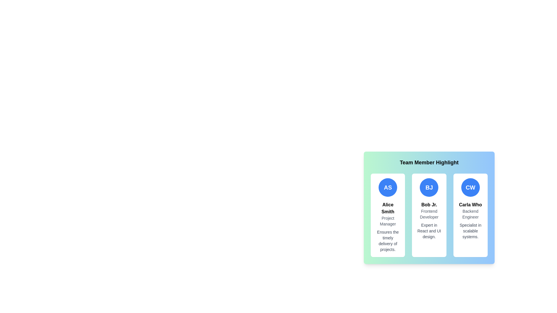 This screenshot has height=313, width=557. What do you see at coordinates (470, 215) in the screenshot?
I see `the team member profile card located at the rightmost position of the row, which is the third card in a grid layout` at bounding box center [470, 215].